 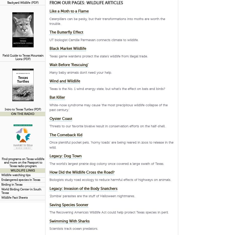 What do you see at coordinates (69, 204) in the screenshot?
I see `'Saving Species Sooner'` at bounding box center [69, 204].